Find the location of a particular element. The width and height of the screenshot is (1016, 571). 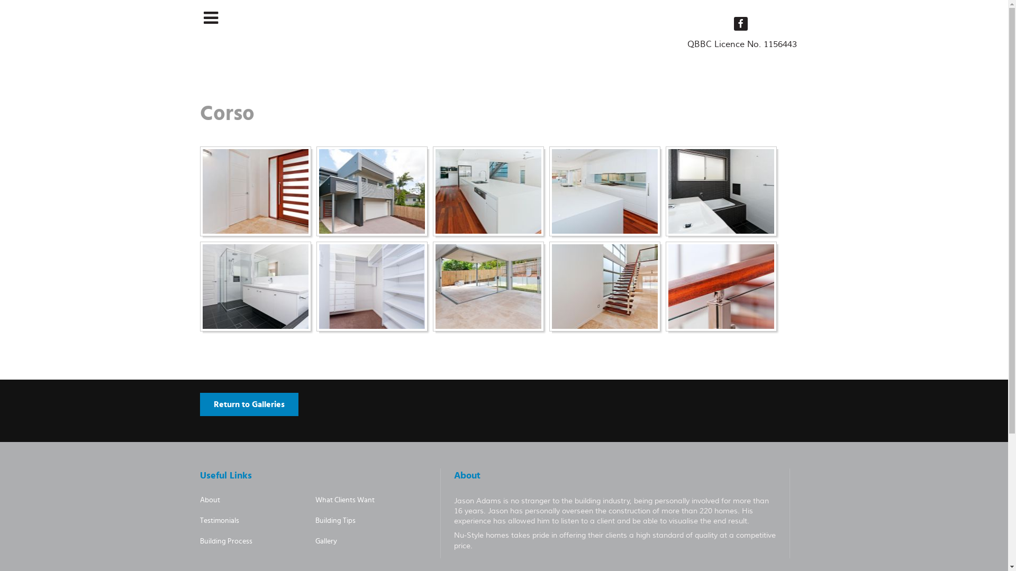

'Testimonials' is located at coordinates (200, 520).